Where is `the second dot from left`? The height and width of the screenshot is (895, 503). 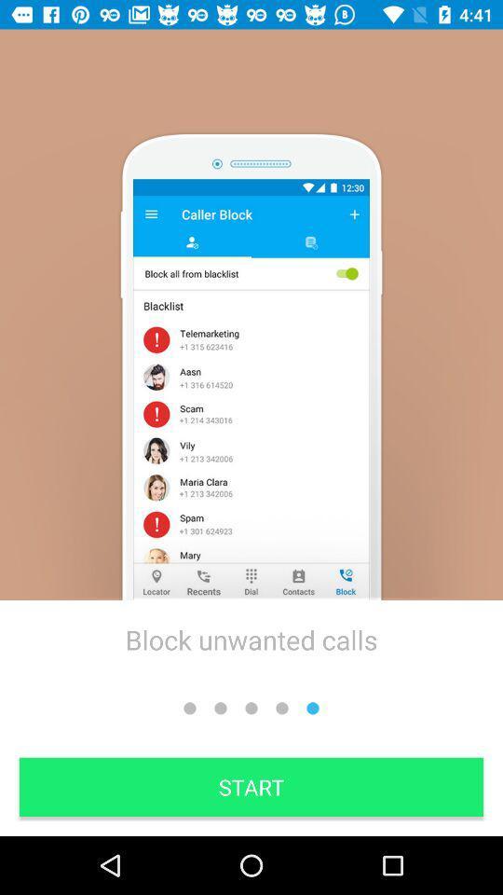
the second dot from left is located at coordinates (221, 708).